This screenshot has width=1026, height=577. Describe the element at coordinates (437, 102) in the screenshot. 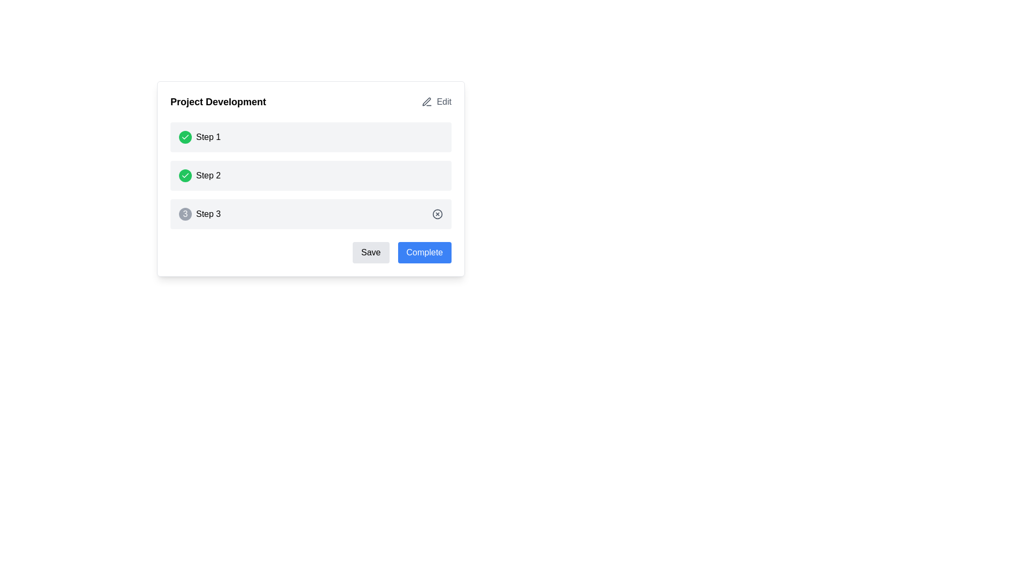

I see `the 'Edit' button, which features a pen icon on the left and the text 'Edit' in gray font, located in the top-right corner of the 'Project Development' section` at that location.